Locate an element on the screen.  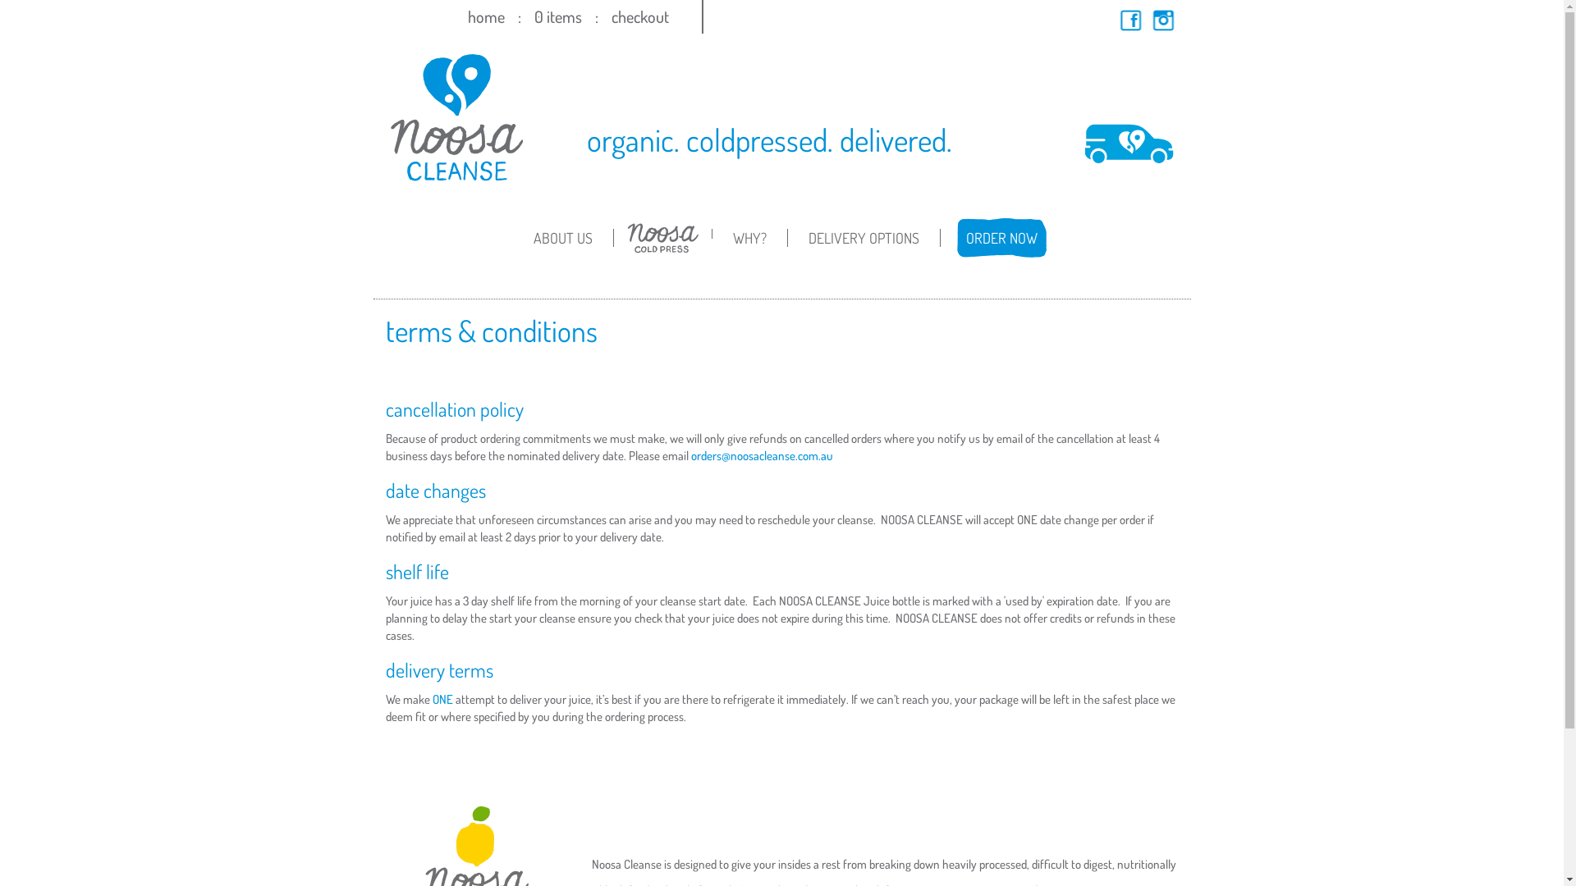
'Instagram' is located at coordinates (1162, 20).